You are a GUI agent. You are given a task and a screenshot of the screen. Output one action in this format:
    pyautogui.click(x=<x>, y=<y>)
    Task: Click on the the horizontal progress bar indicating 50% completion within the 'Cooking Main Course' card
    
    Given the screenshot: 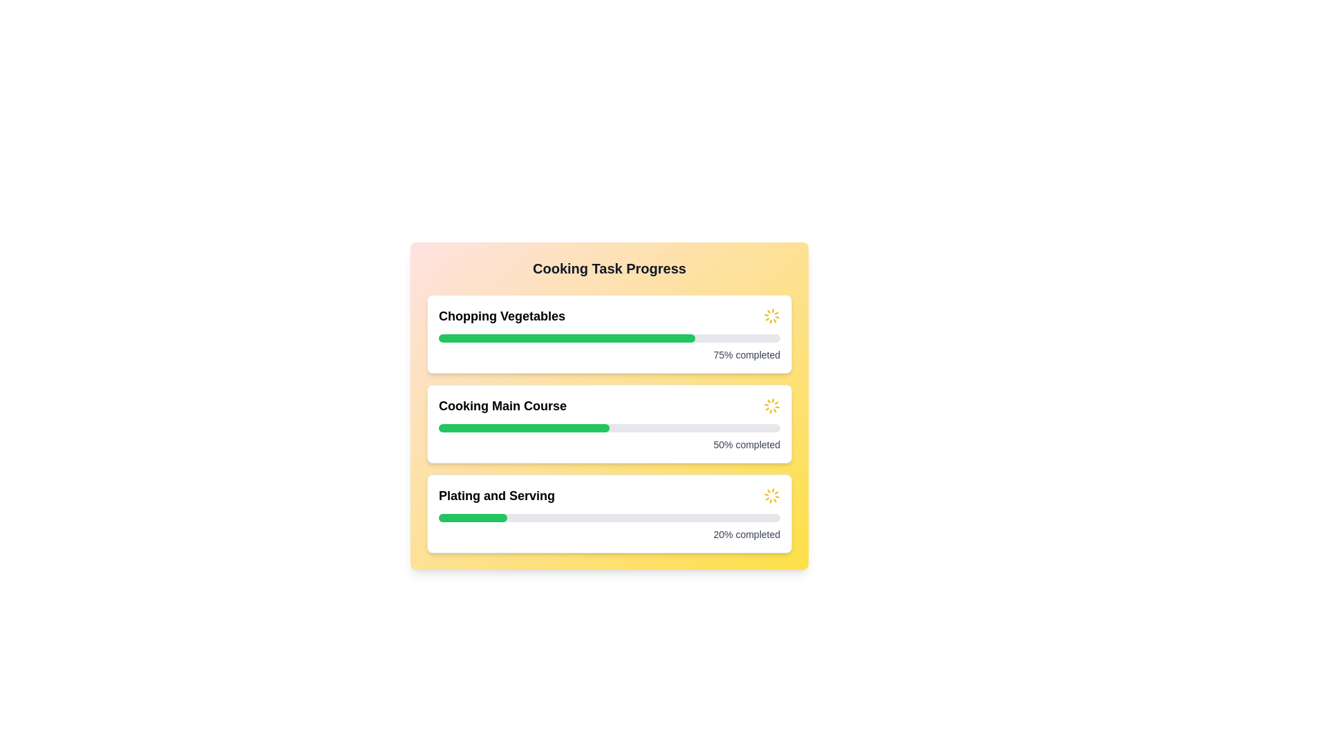 What is the action you would take?
    pyautogui.click(x=609, y=428)
    